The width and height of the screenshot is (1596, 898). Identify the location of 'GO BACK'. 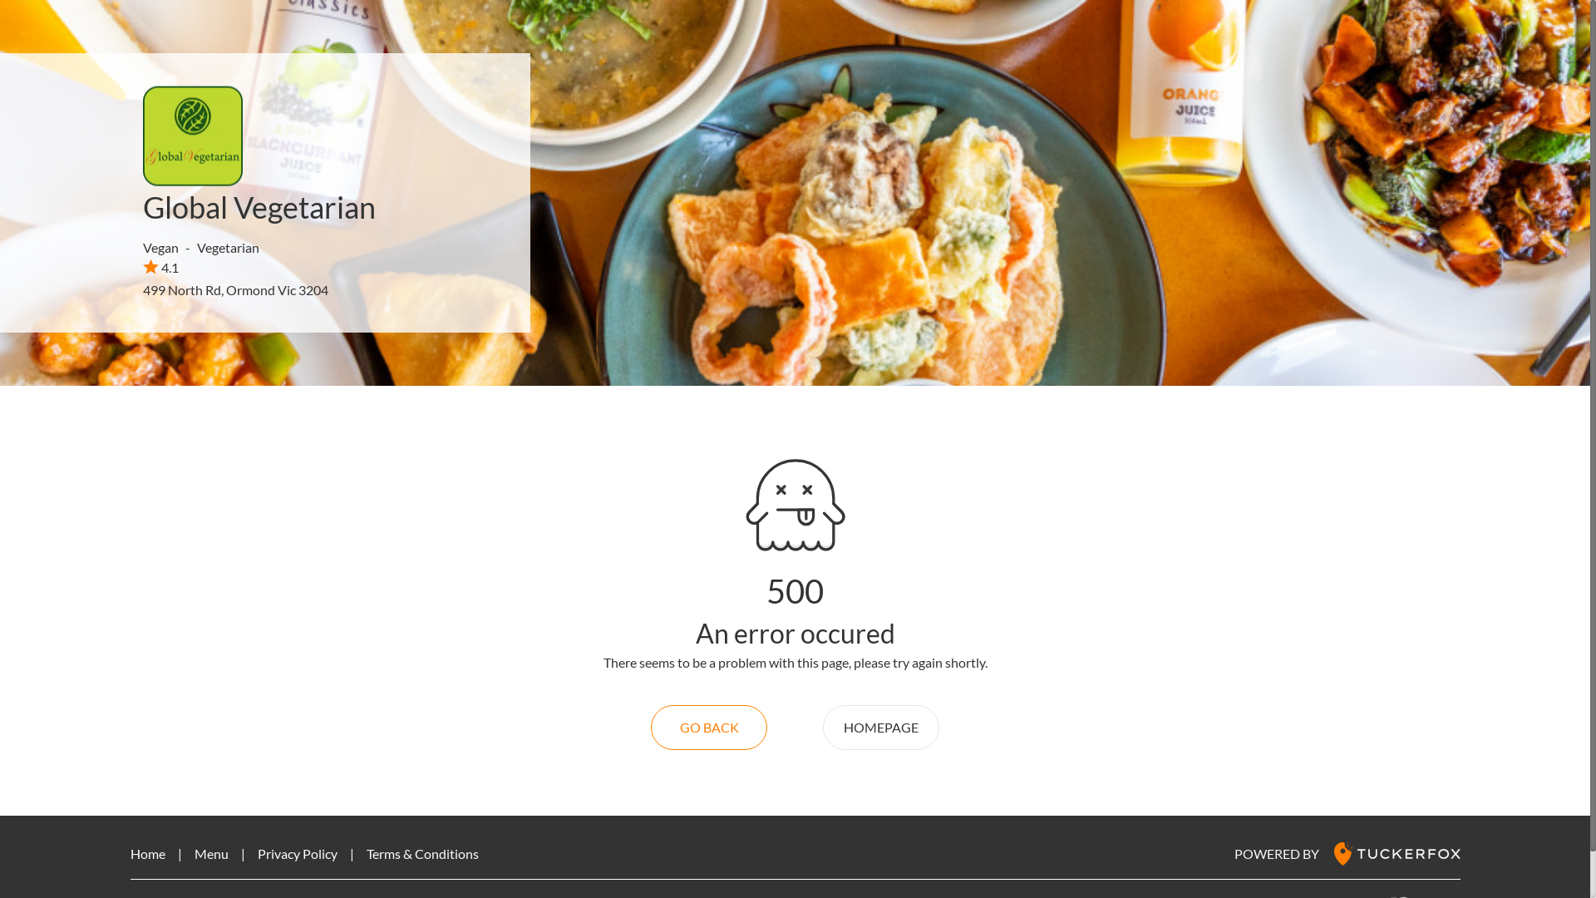
(709, 727).